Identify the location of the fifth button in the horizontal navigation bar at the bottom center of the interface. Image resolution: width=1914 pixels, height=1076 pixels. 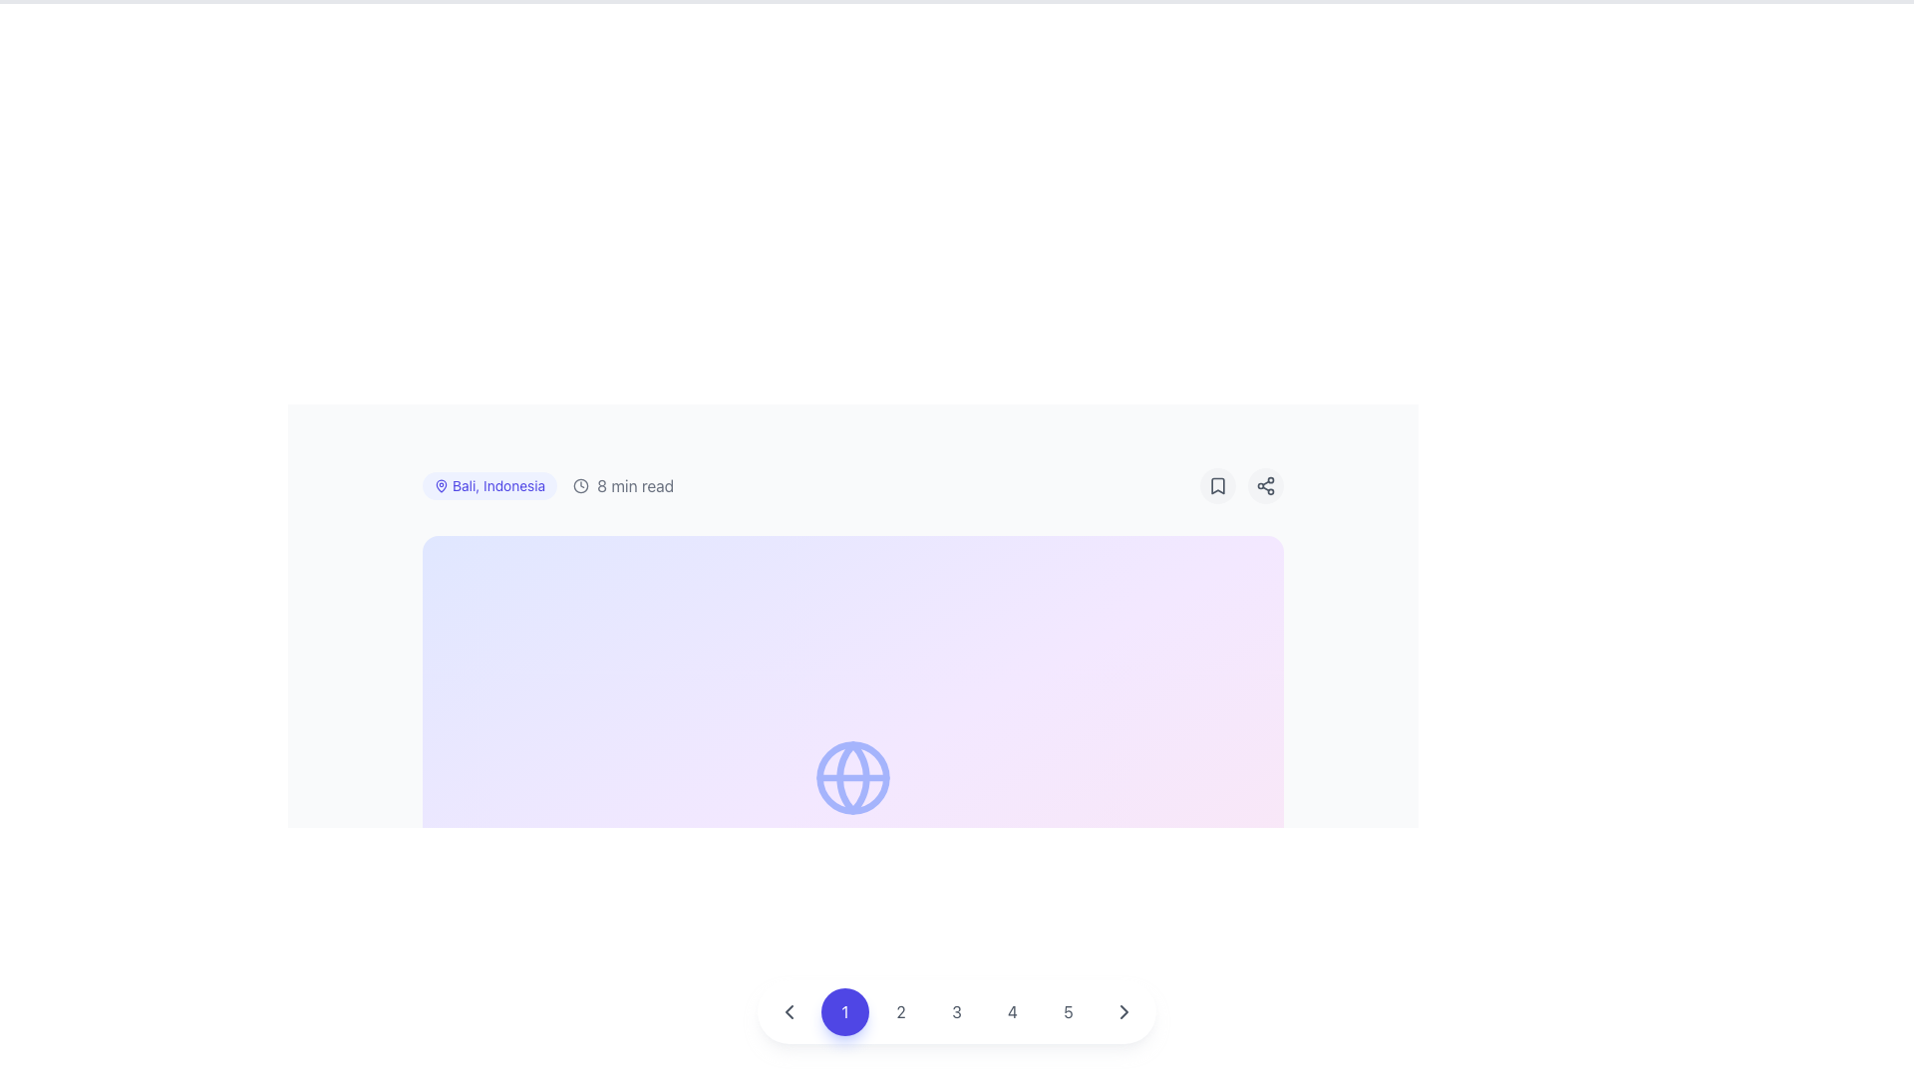
(1067, 1011).